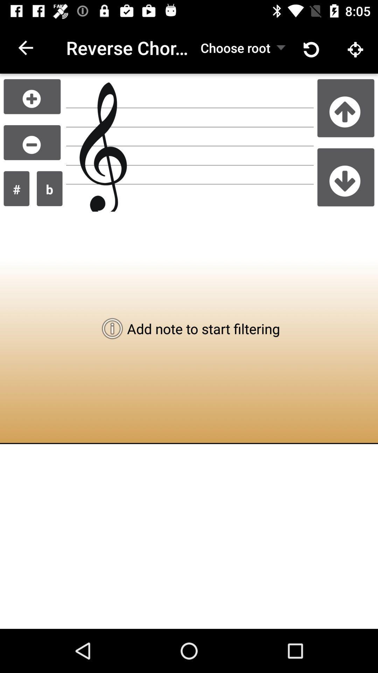 This screenshot has width=378, height=673. Describe the element at coordinates (32, 142) in the screenshot. I see `adjust lower` at that location.